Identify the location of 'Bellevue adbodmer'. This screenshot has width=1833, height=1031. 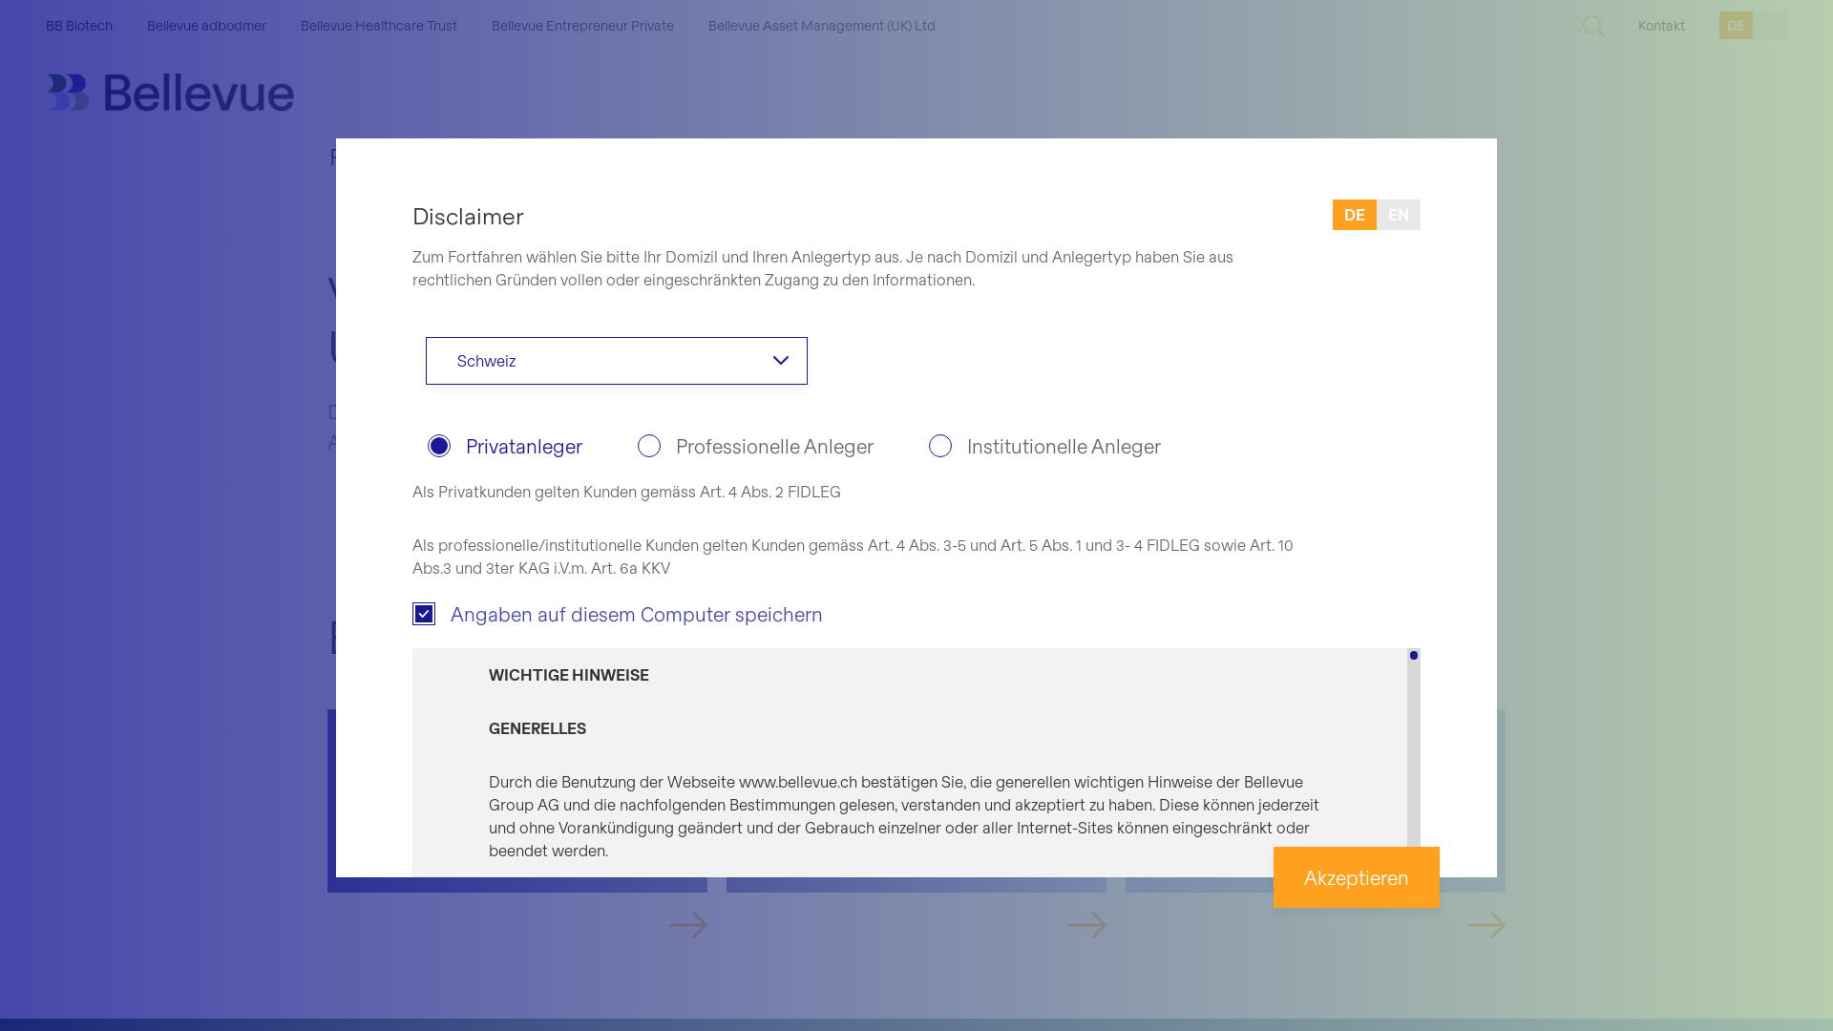
(145, 25).